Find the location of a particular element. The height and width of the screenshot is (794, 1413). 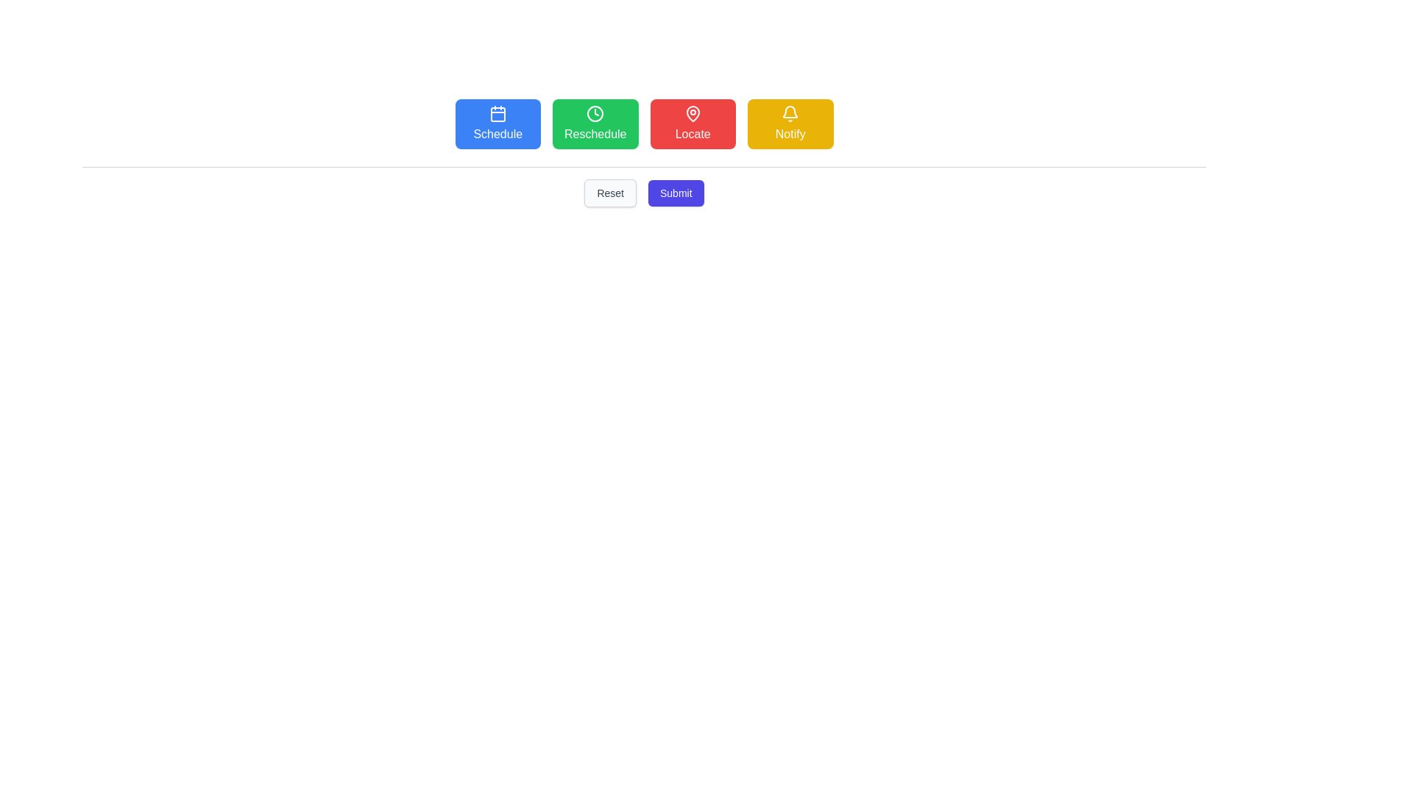

the SVG circle that represents the clock symbol within the 'Reschedule' button, which is the second button in a sequence of four buttons at the top-center of the interface is located at coordinates (595, 112).